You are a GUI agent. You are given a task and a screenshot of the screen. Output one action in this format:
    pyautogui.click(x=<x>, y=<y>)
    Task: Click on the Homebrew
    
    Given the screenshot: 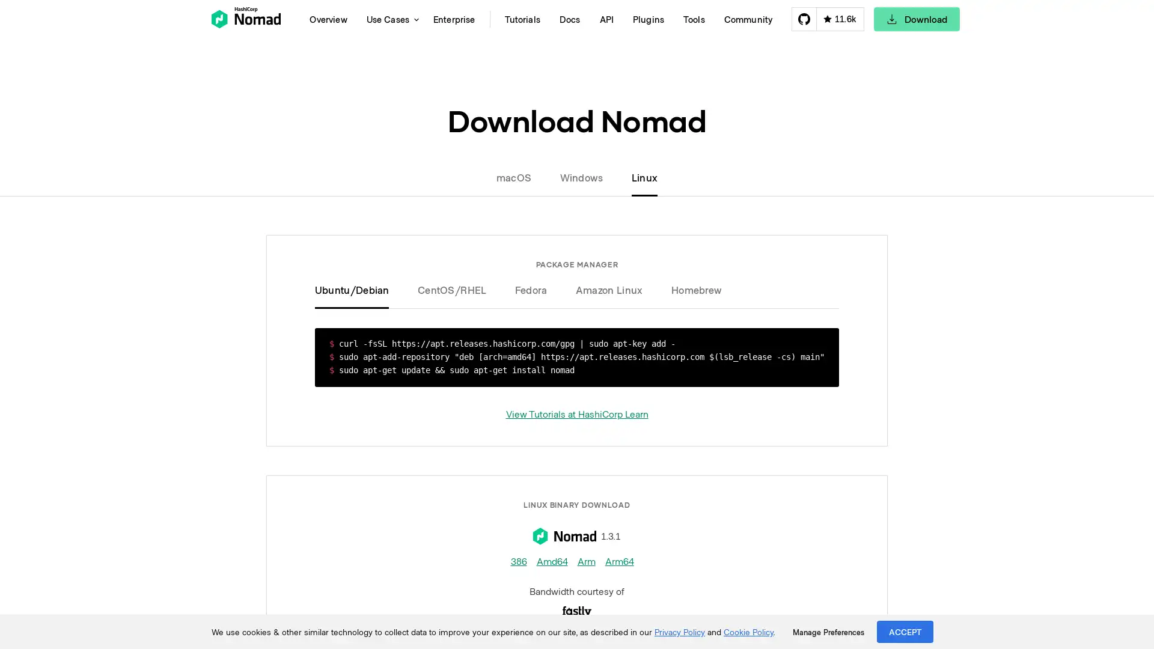 What is the action you would take?
    pyautogui.click(x=689, y=290)
    